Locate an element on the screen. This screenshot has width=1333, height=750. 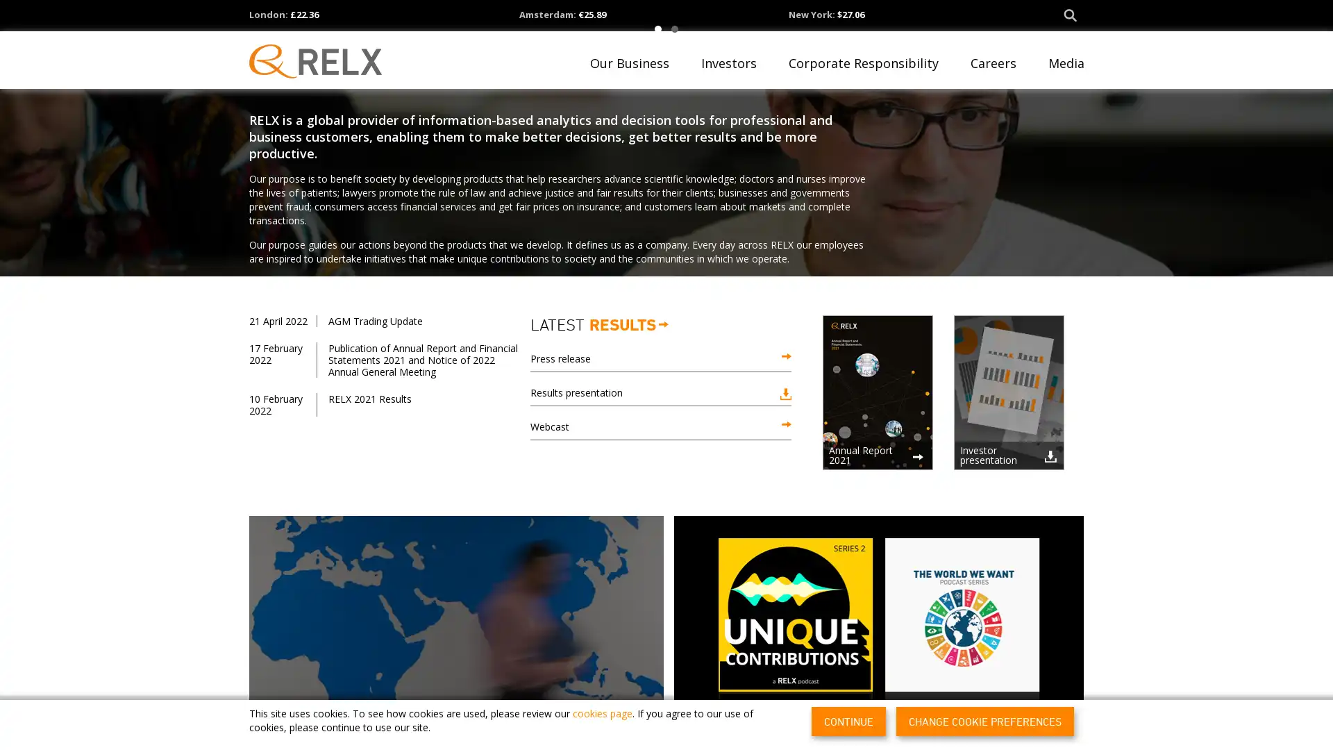
1 is located at coordinates (657, 29).